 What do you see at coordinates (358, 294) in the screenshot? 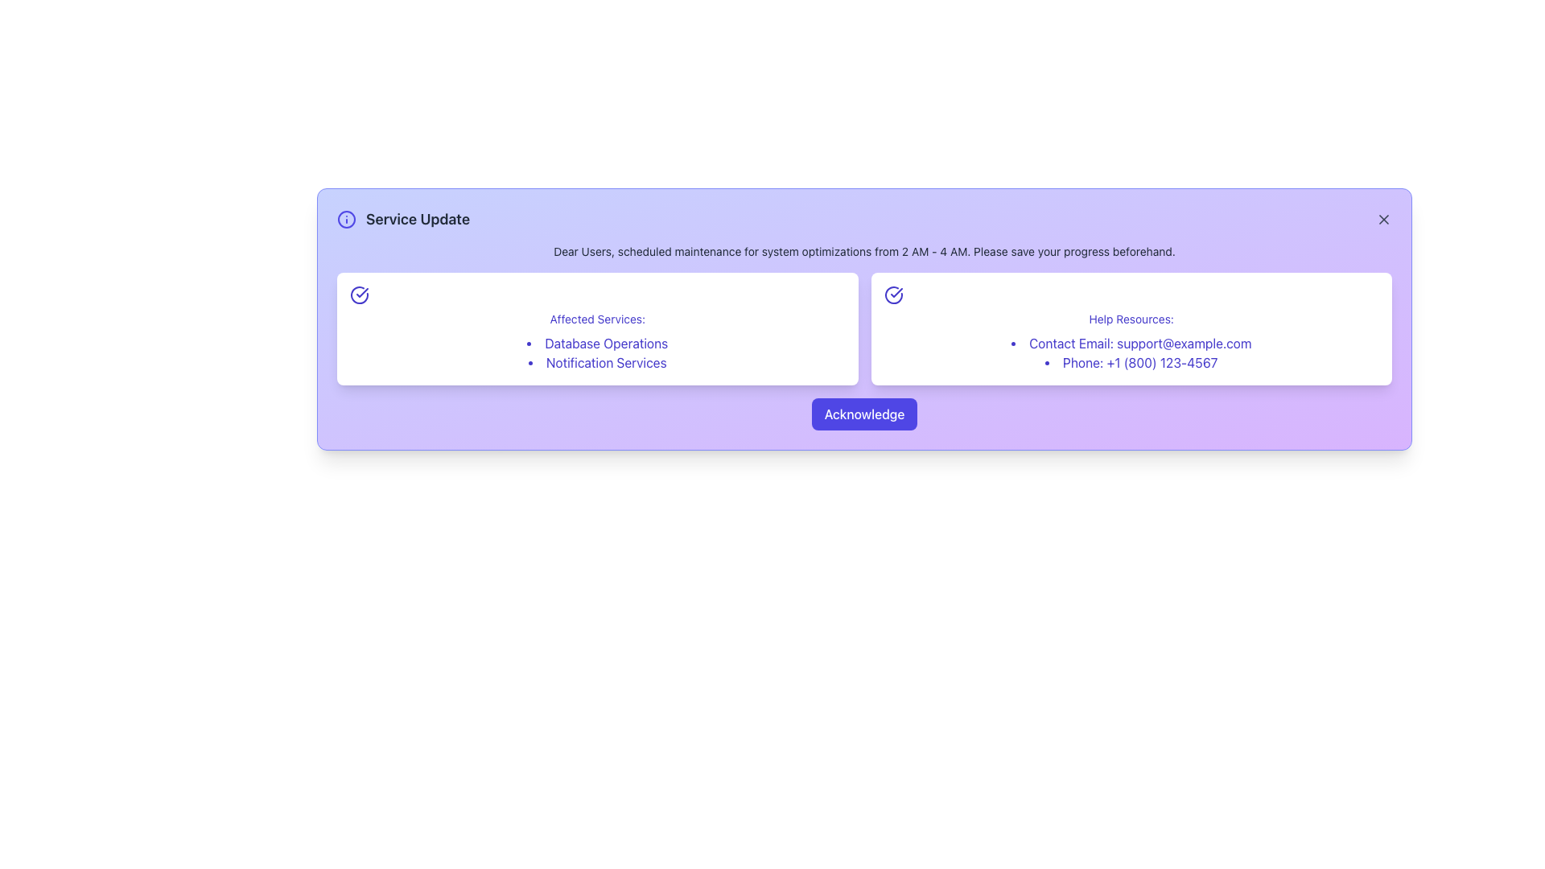
I see `the Icon component that visually represents a completed or confirmed action, located within a rectangular white card in a purple-themed modal box` at bounding box center [358, 294].